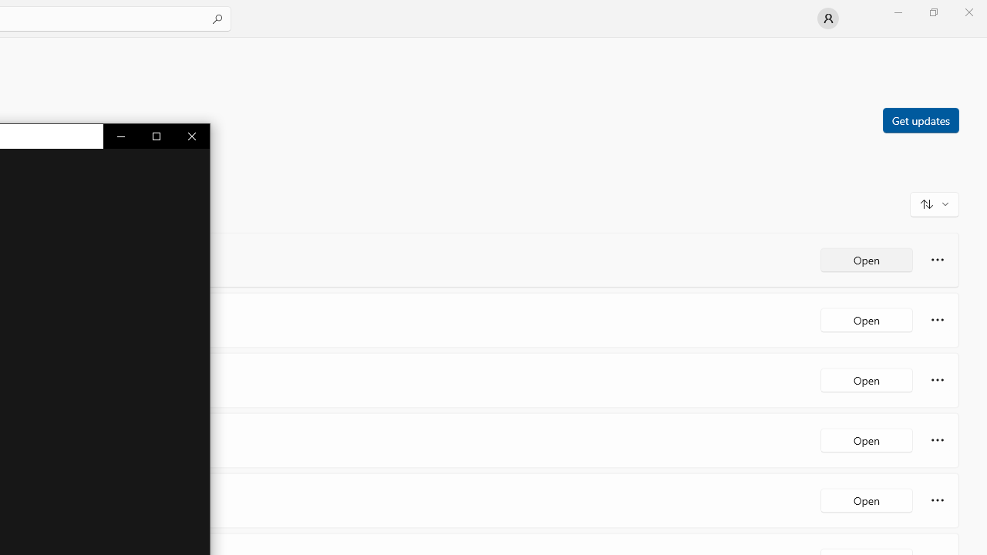 The width and height of the screenshot is (987, 555). I want to click on 'Maximize Xbox Console Companion', so click(157, 136).